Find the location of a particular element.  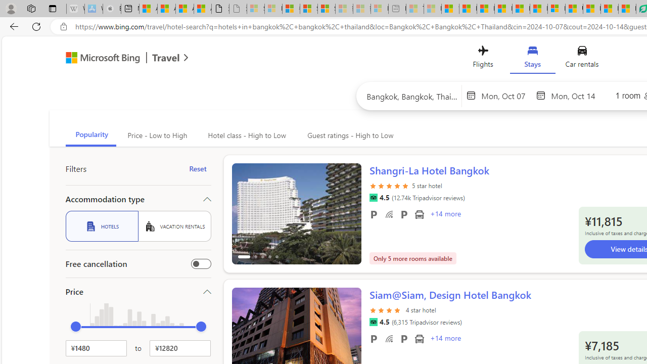

'Top Stories - MSN - Sleeping' is located at coordinates (415, 9).